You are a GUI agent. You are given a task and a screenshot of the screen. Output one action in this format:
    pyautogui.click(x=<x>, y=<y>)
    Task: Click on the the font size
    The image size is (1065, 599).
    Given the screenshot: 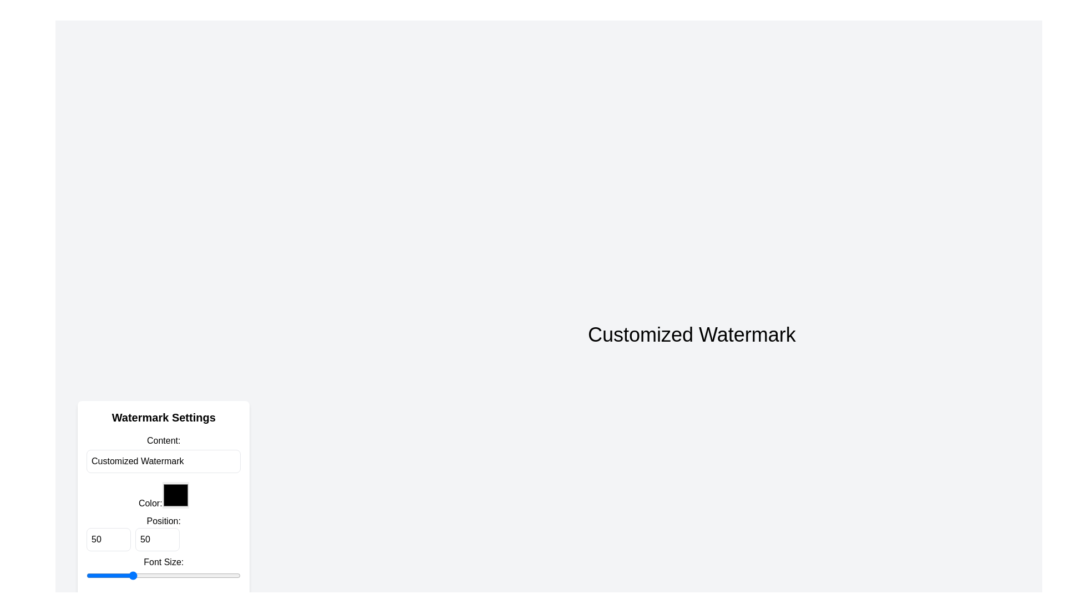 What is the action you would take?
    pyautogui.click(x=171, y=575)
    